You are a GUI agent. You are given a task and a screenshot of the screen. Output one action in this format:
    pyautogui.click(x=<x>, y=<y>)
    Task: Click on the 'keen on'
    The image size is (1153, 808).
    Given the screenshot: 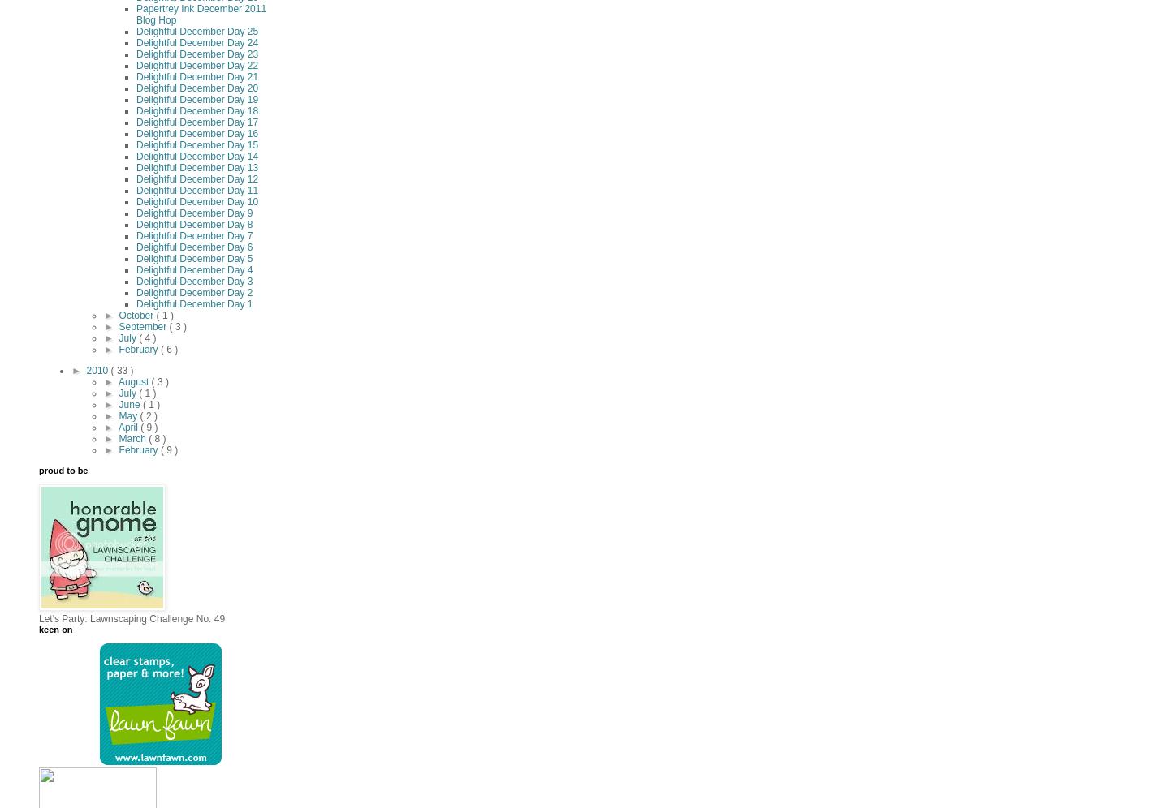 What is the action you would take?
    pyautogui.click(x=55, y=629)
    